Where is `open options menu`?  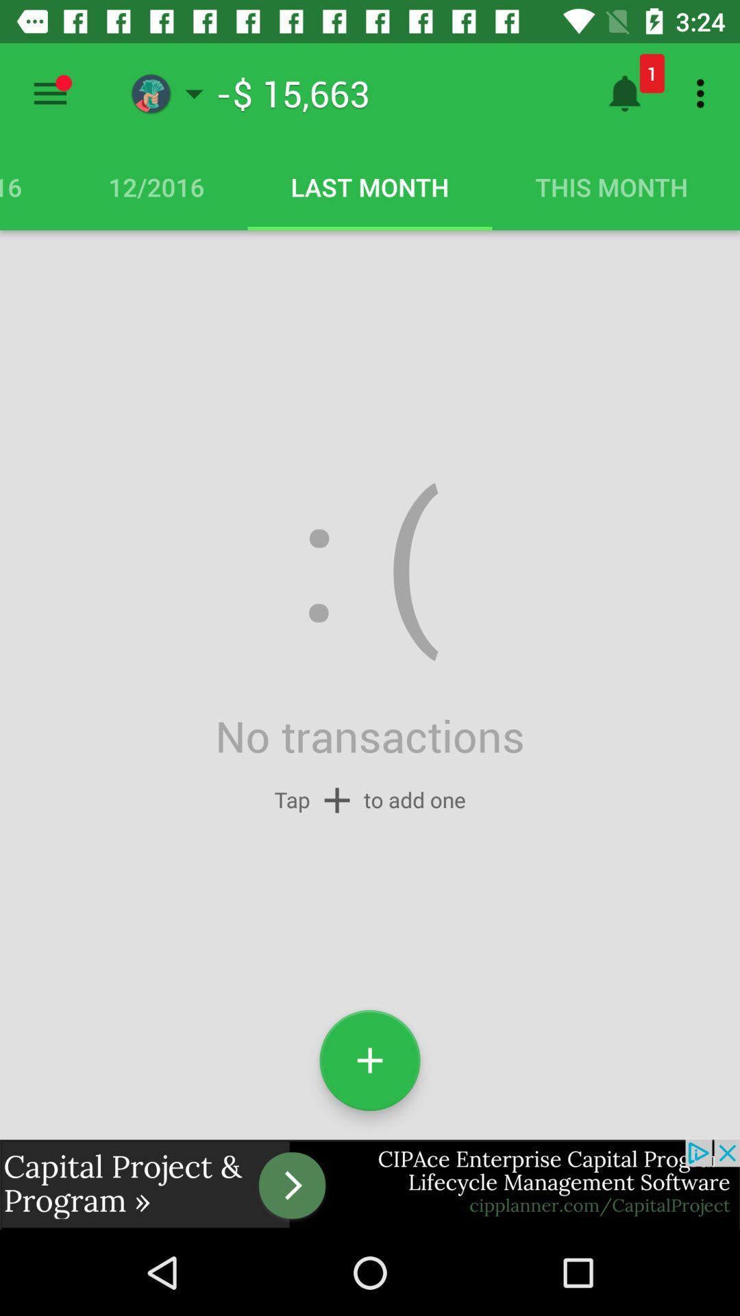 open options menu is located at coordinates (49, 93).